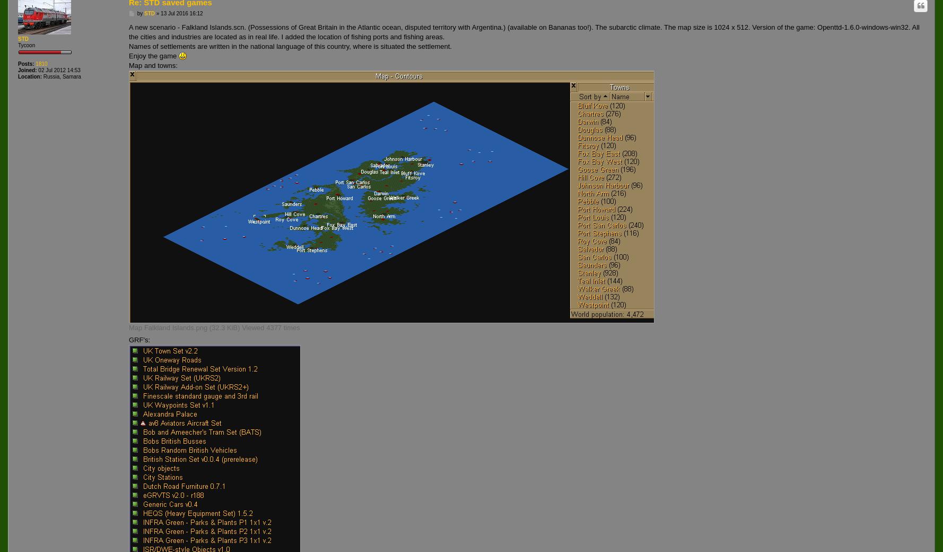 The height and width of the screenshot is (552, 943). I want to click on 'Map and towns:', so click(128, 65).